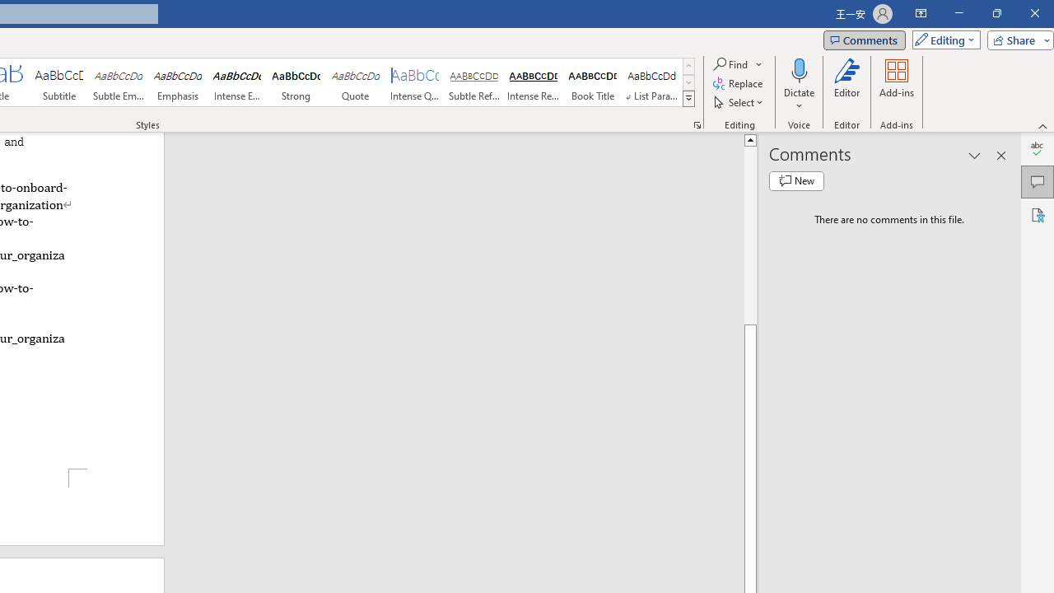 Image resolution: width=1054 pixels, height=593 pixels. What do you see at coordinates (738, 83) in the screenshot?
I see `'Replace...'` at bounding box center [738, 83].